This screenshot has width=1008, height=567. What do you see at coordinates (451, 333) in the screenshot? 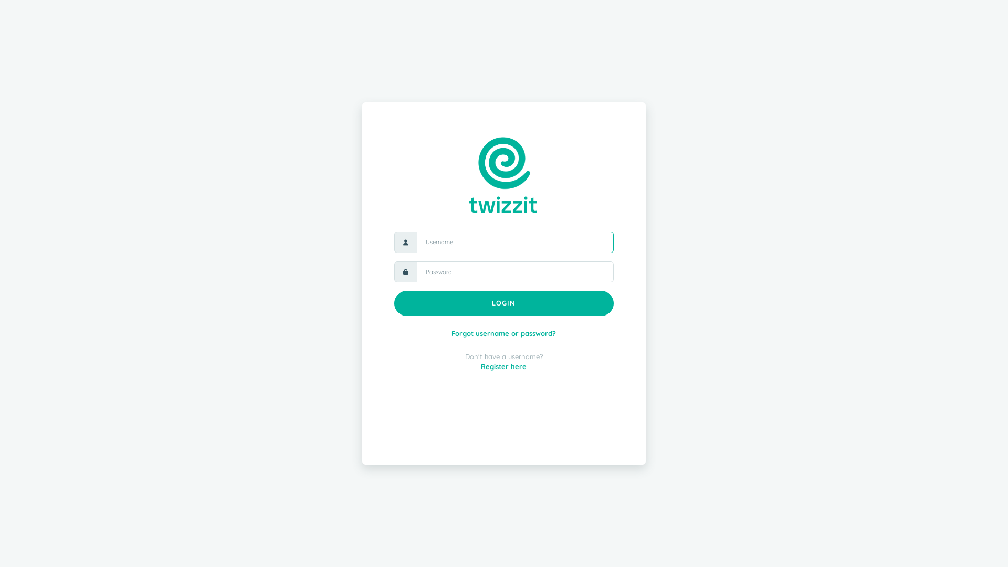
I see `'Forgot username or password?'` at bounding box center [451, 333].